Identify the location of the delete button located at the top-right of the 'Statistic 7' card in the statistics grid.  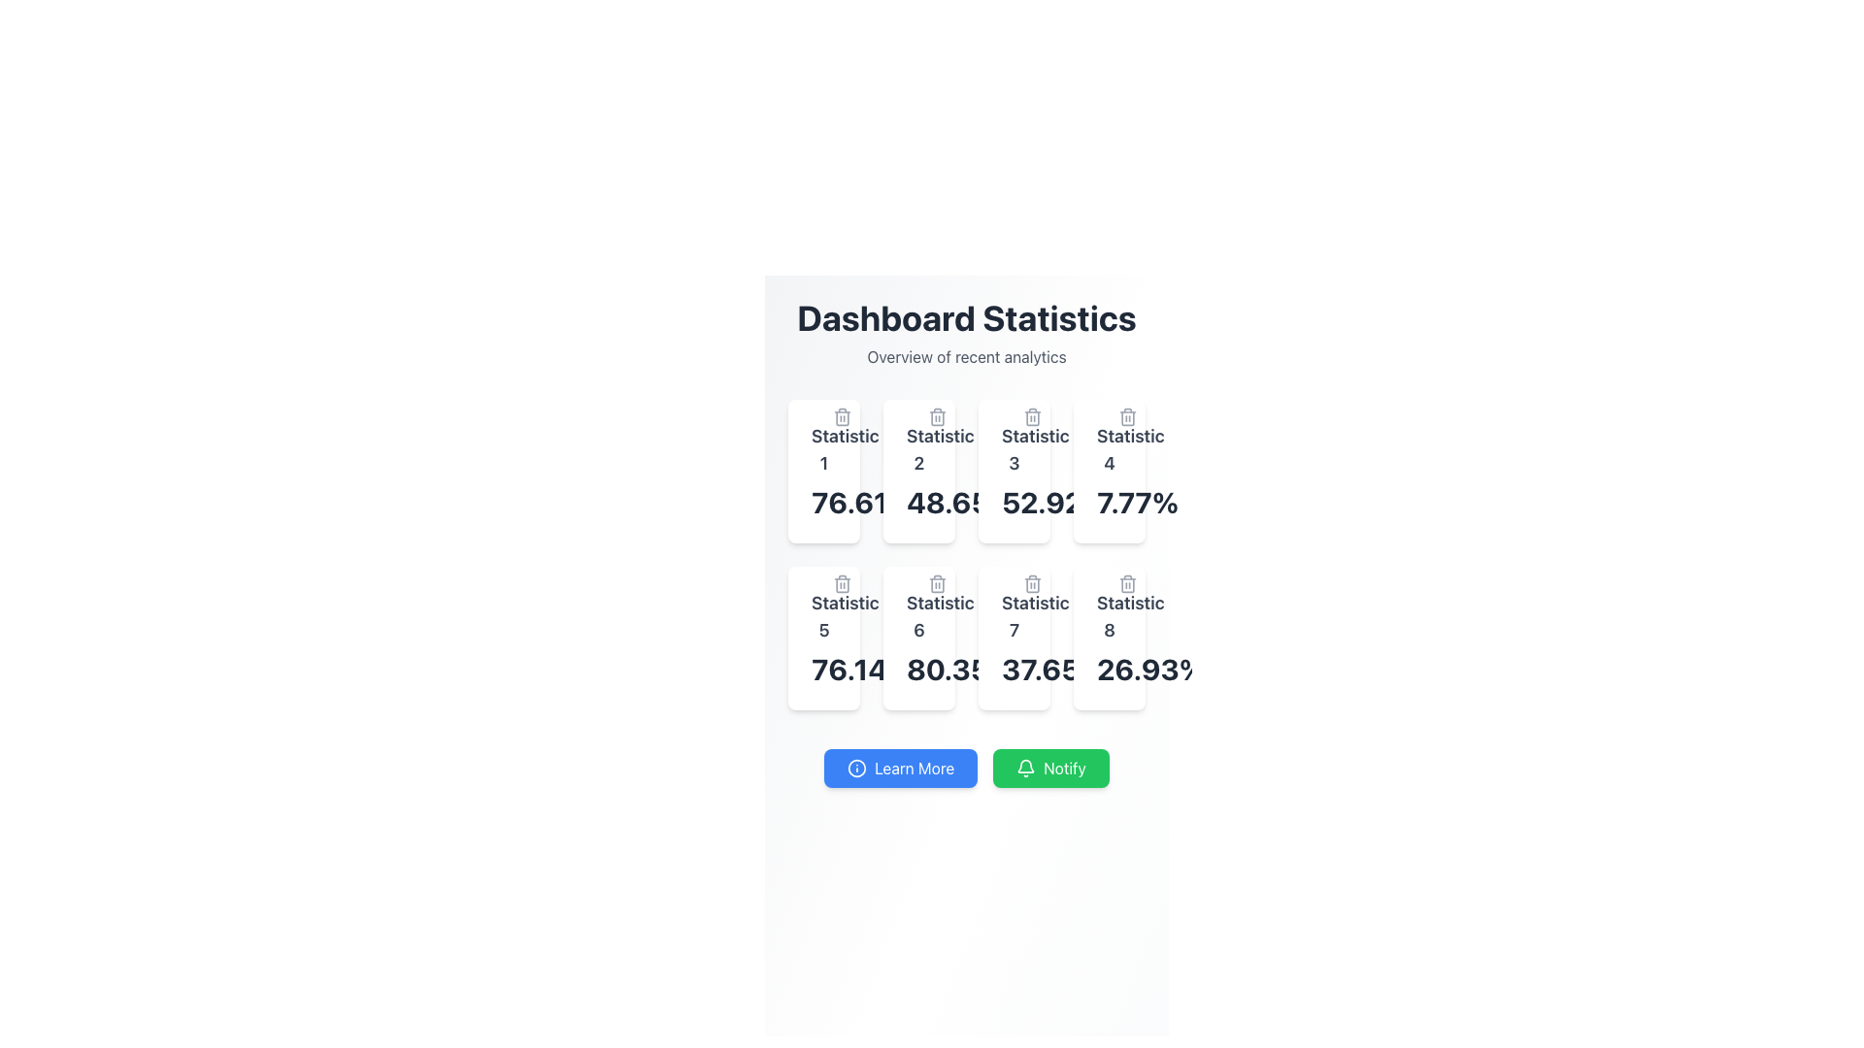
(1032, 582).